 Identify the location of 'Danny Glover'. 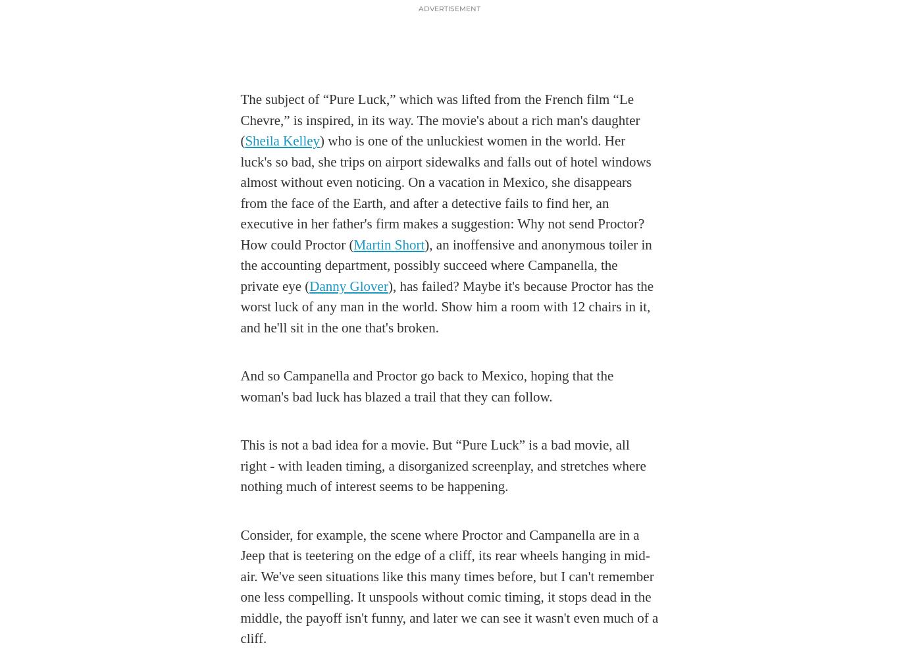
(348, 286).